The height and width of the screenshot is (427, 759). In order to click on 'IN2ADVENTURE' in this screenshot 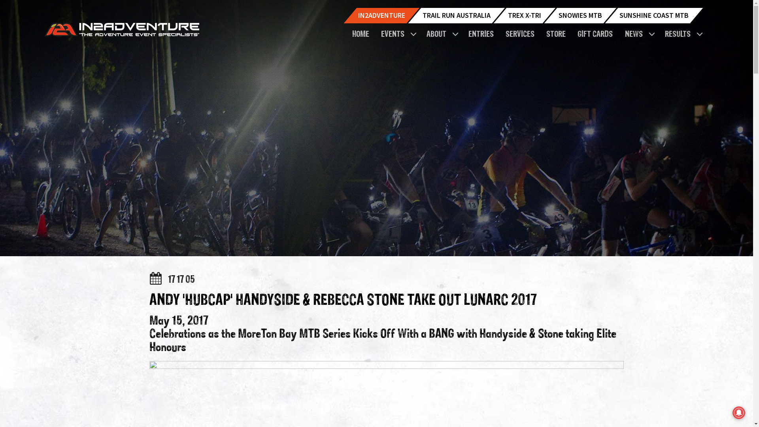, I will do `click(381, 15)`.